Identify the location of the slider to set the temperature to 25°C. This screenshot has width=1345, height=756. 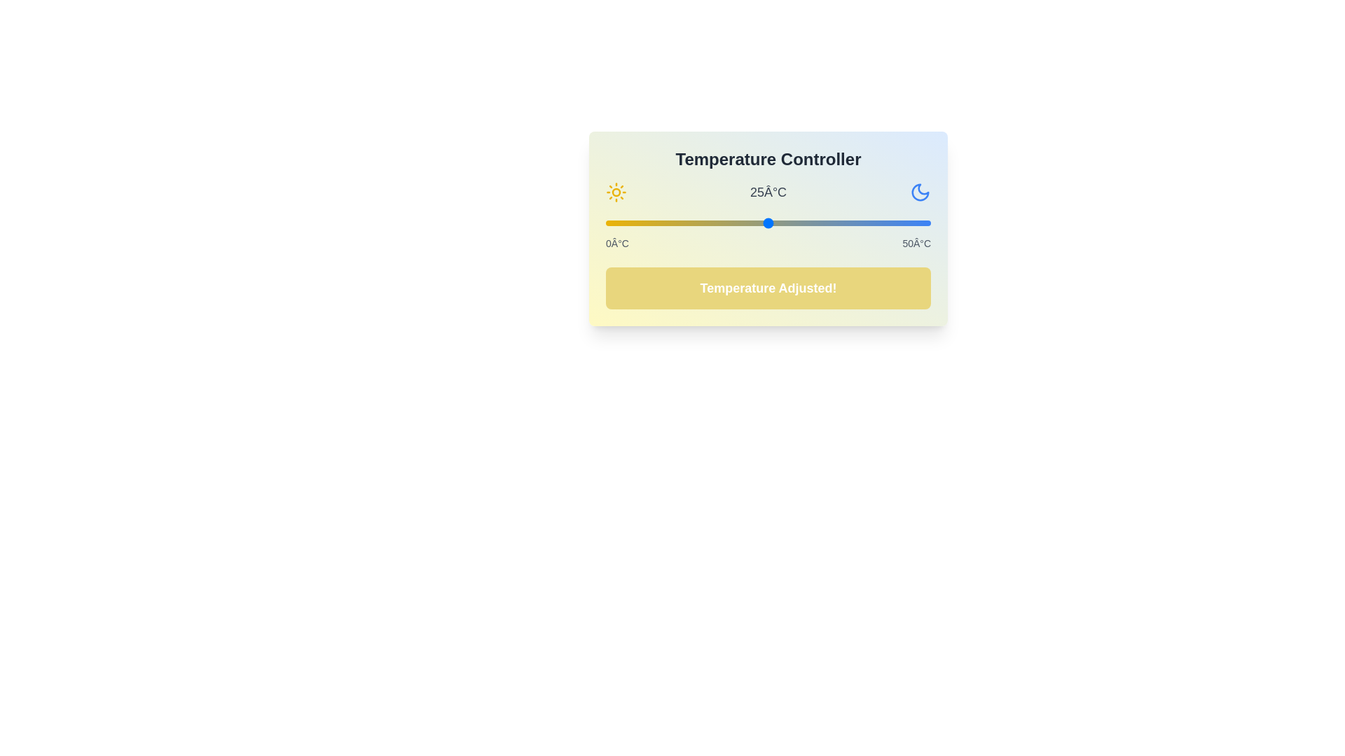
(768, 223).